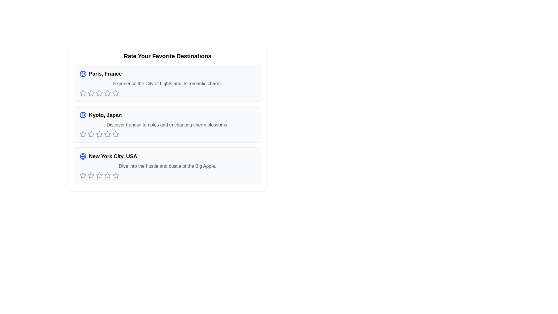 The height and width of the screenshot is (314, 558). I want to click on the first rating star icon, which is a gray star-shaped SVG located beneath the 'New York City, USA' description, so click(91, 175).